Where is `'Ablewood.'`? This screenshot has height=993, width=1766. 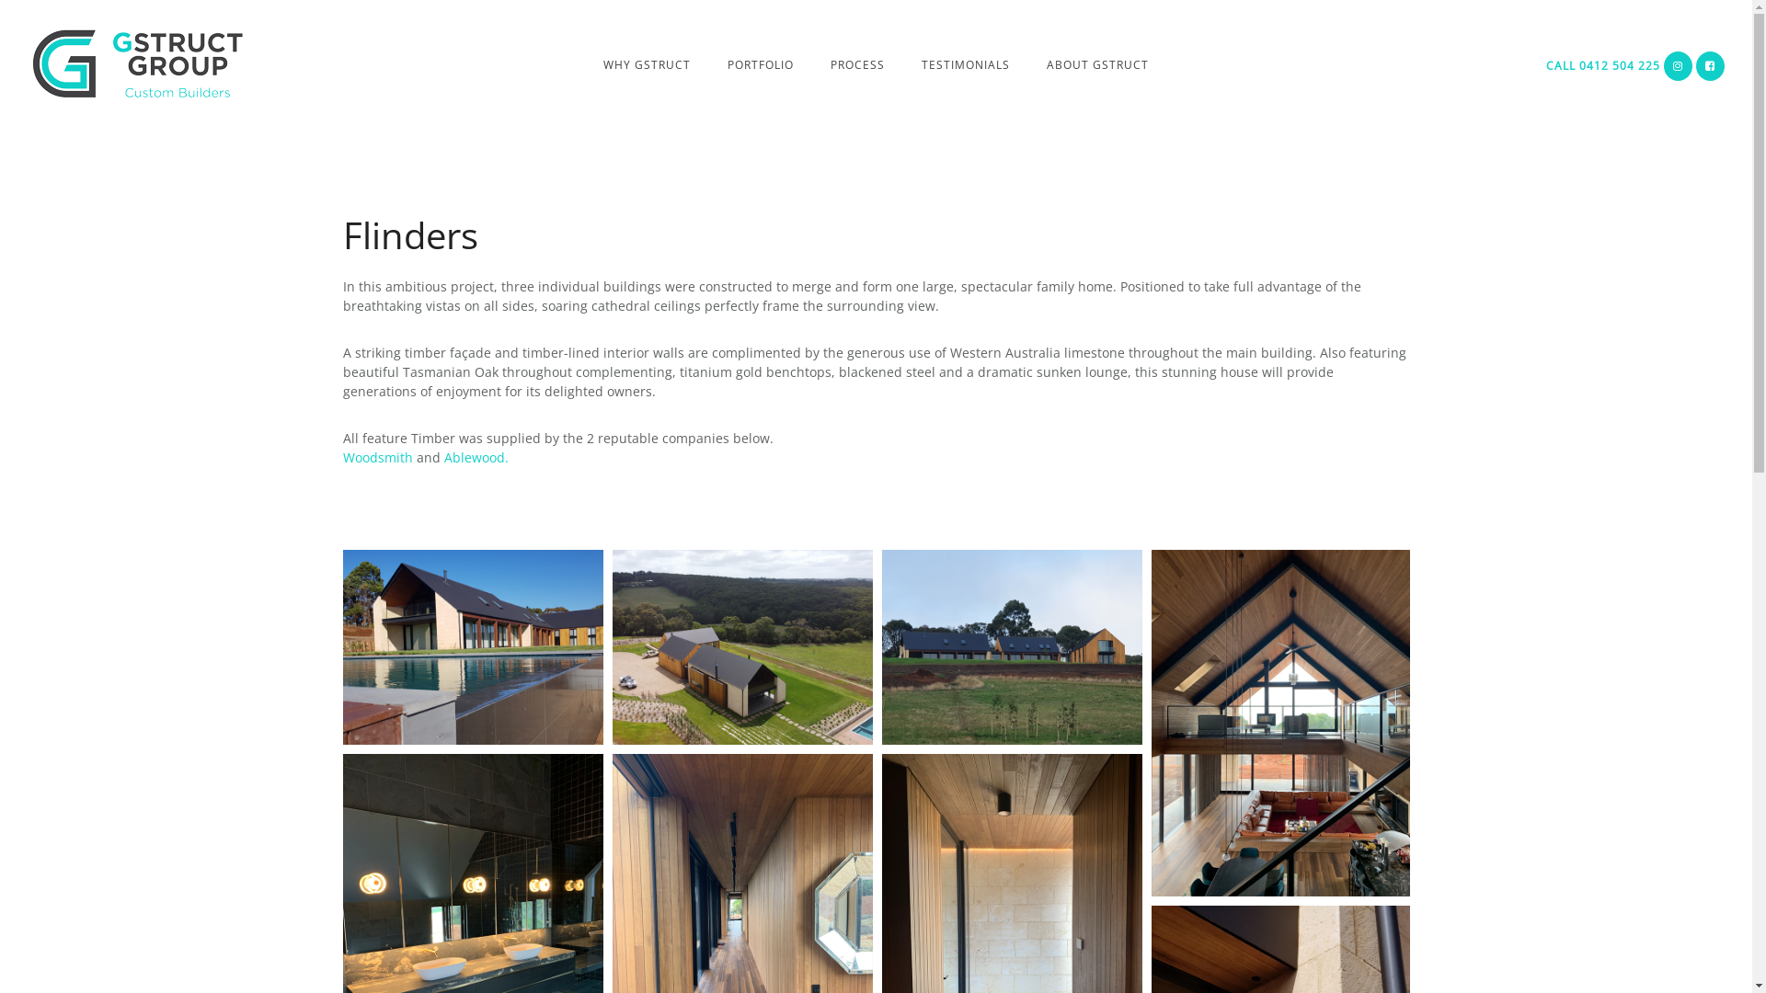 'Ablewood.' is located at coordinates (476, 456).